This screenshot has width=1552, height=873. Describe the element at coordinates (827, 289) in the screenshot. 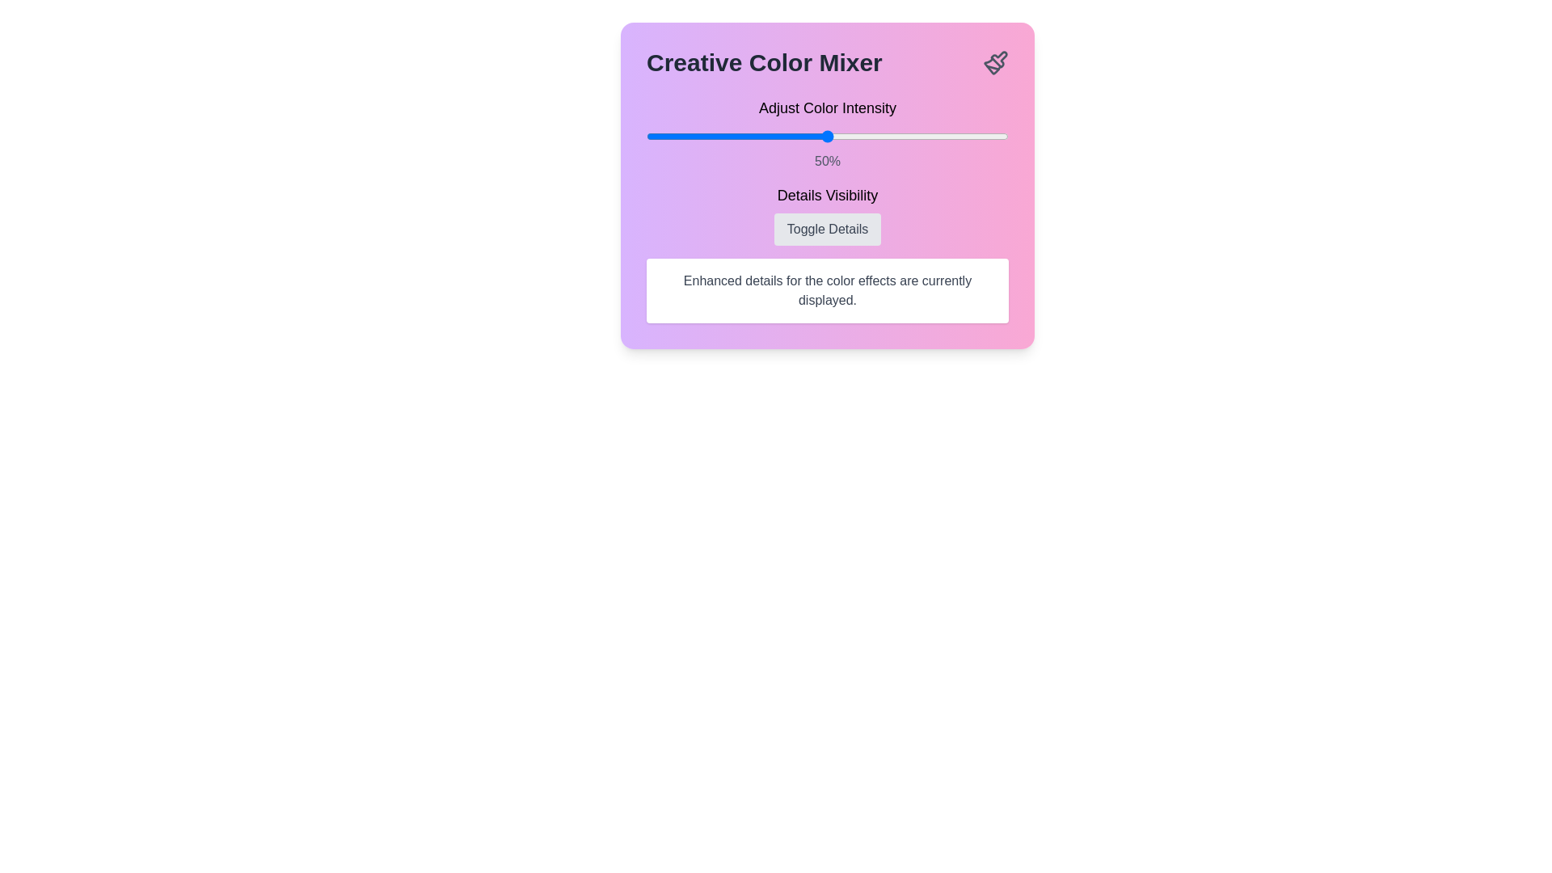

I see `the descriptive text block in the 'Details Visibility' section of the 'Creative Color Mixer' UI, located below the 'Toggle Details' button` at that location.